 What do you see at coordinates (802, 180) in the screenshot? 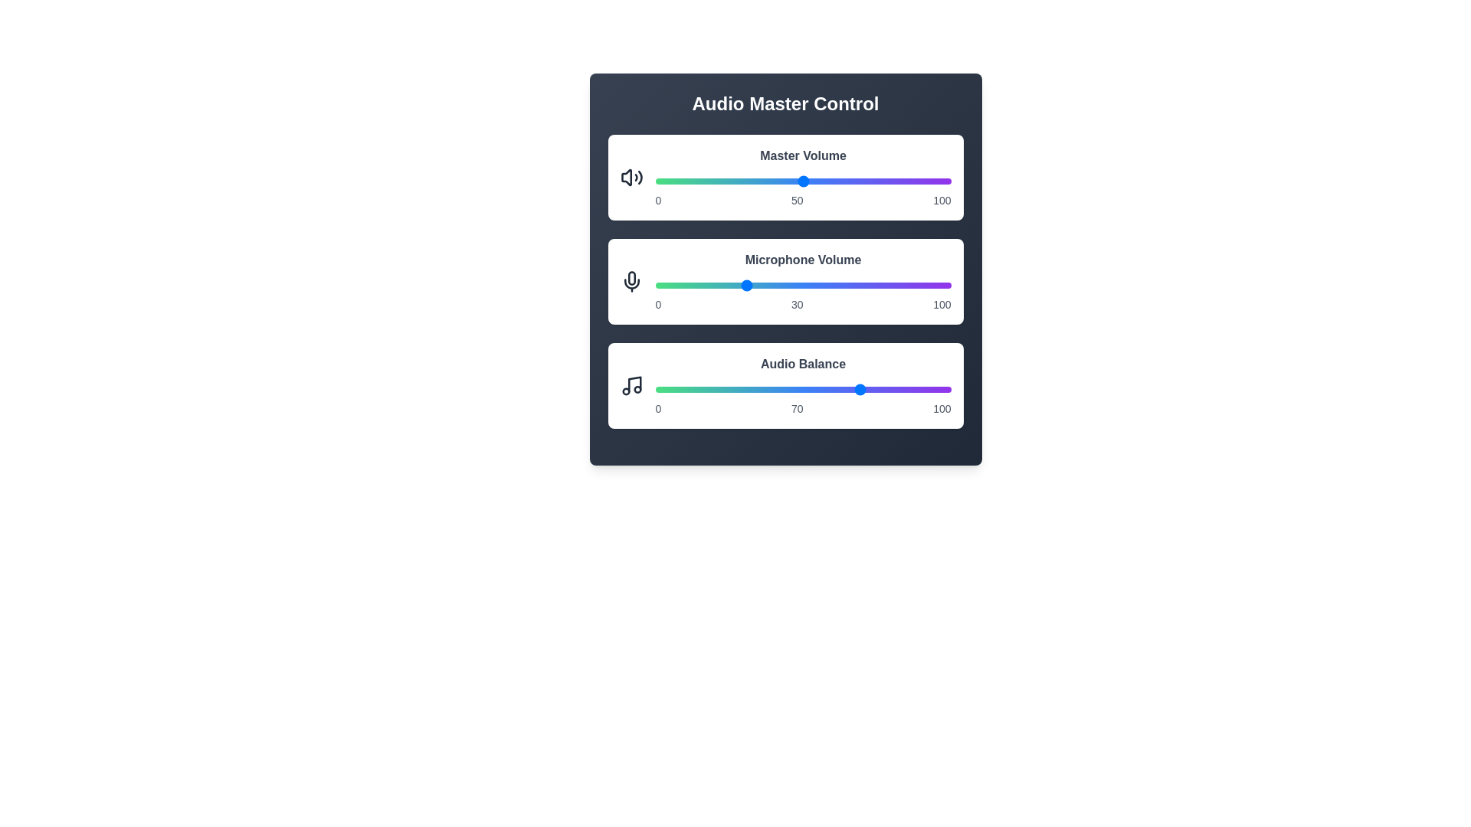
I see `the Master Volume slider to 50%` at bounding box center [802, 180].